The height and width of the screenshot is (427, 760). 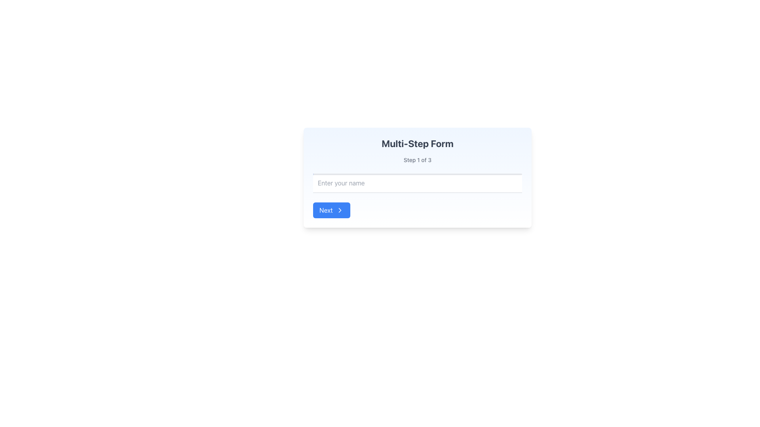 I want to click on the filled portion of the progress bar segment in the multi-step form to indicate progress, so click(x=348, y=174).